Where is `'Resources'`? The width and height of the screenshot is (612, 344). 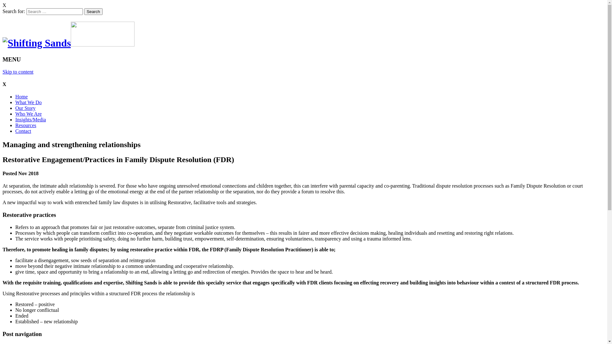
'Resources' is located at coordinates (25, 125).